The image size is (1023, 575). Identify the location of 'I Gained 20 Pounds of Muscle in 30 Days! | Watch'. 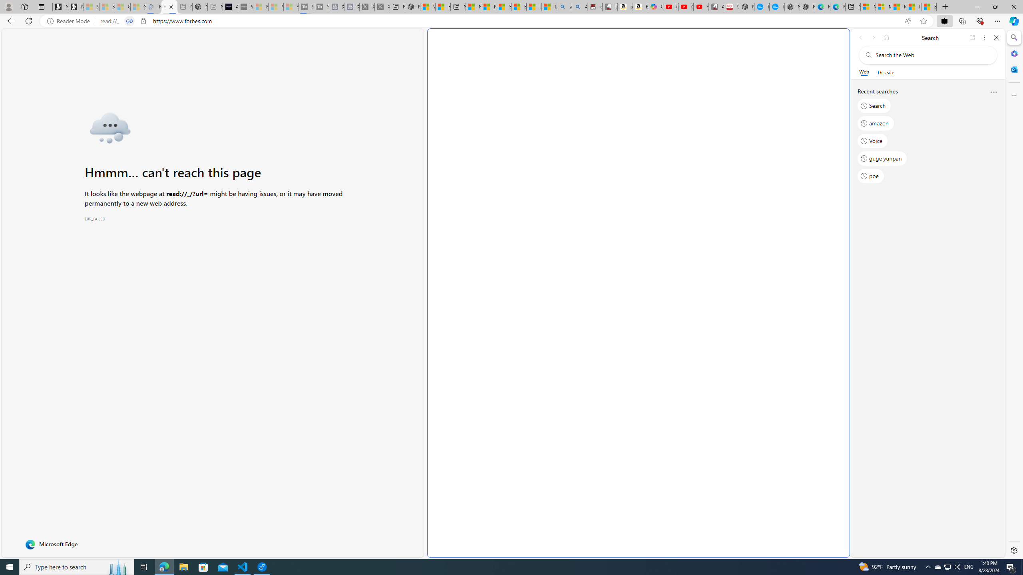
(914, 6).